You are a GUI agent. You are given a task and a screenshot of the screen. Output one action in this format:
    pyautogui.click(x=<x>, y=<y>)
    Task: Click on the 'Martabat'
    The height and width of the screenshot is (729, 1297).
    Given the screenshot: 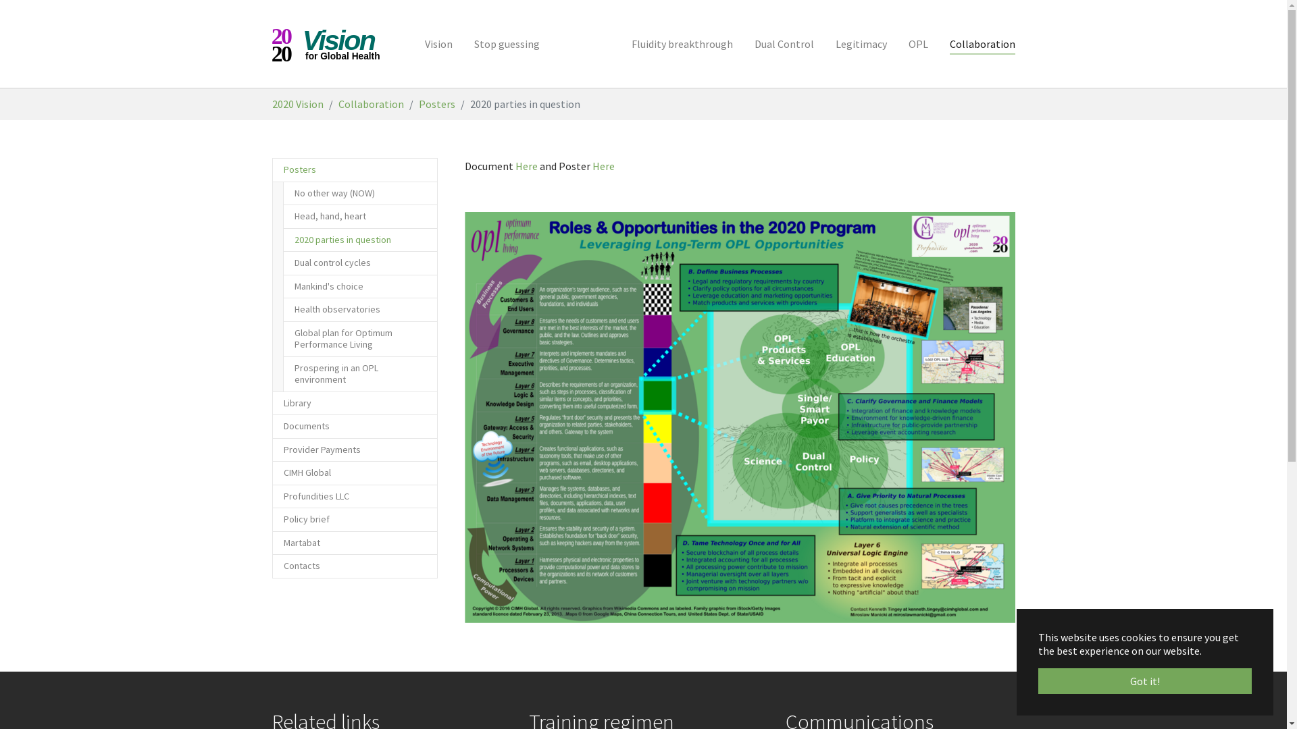 What is the action you would take?
    pyautogui.click(x=354, y=541)
    